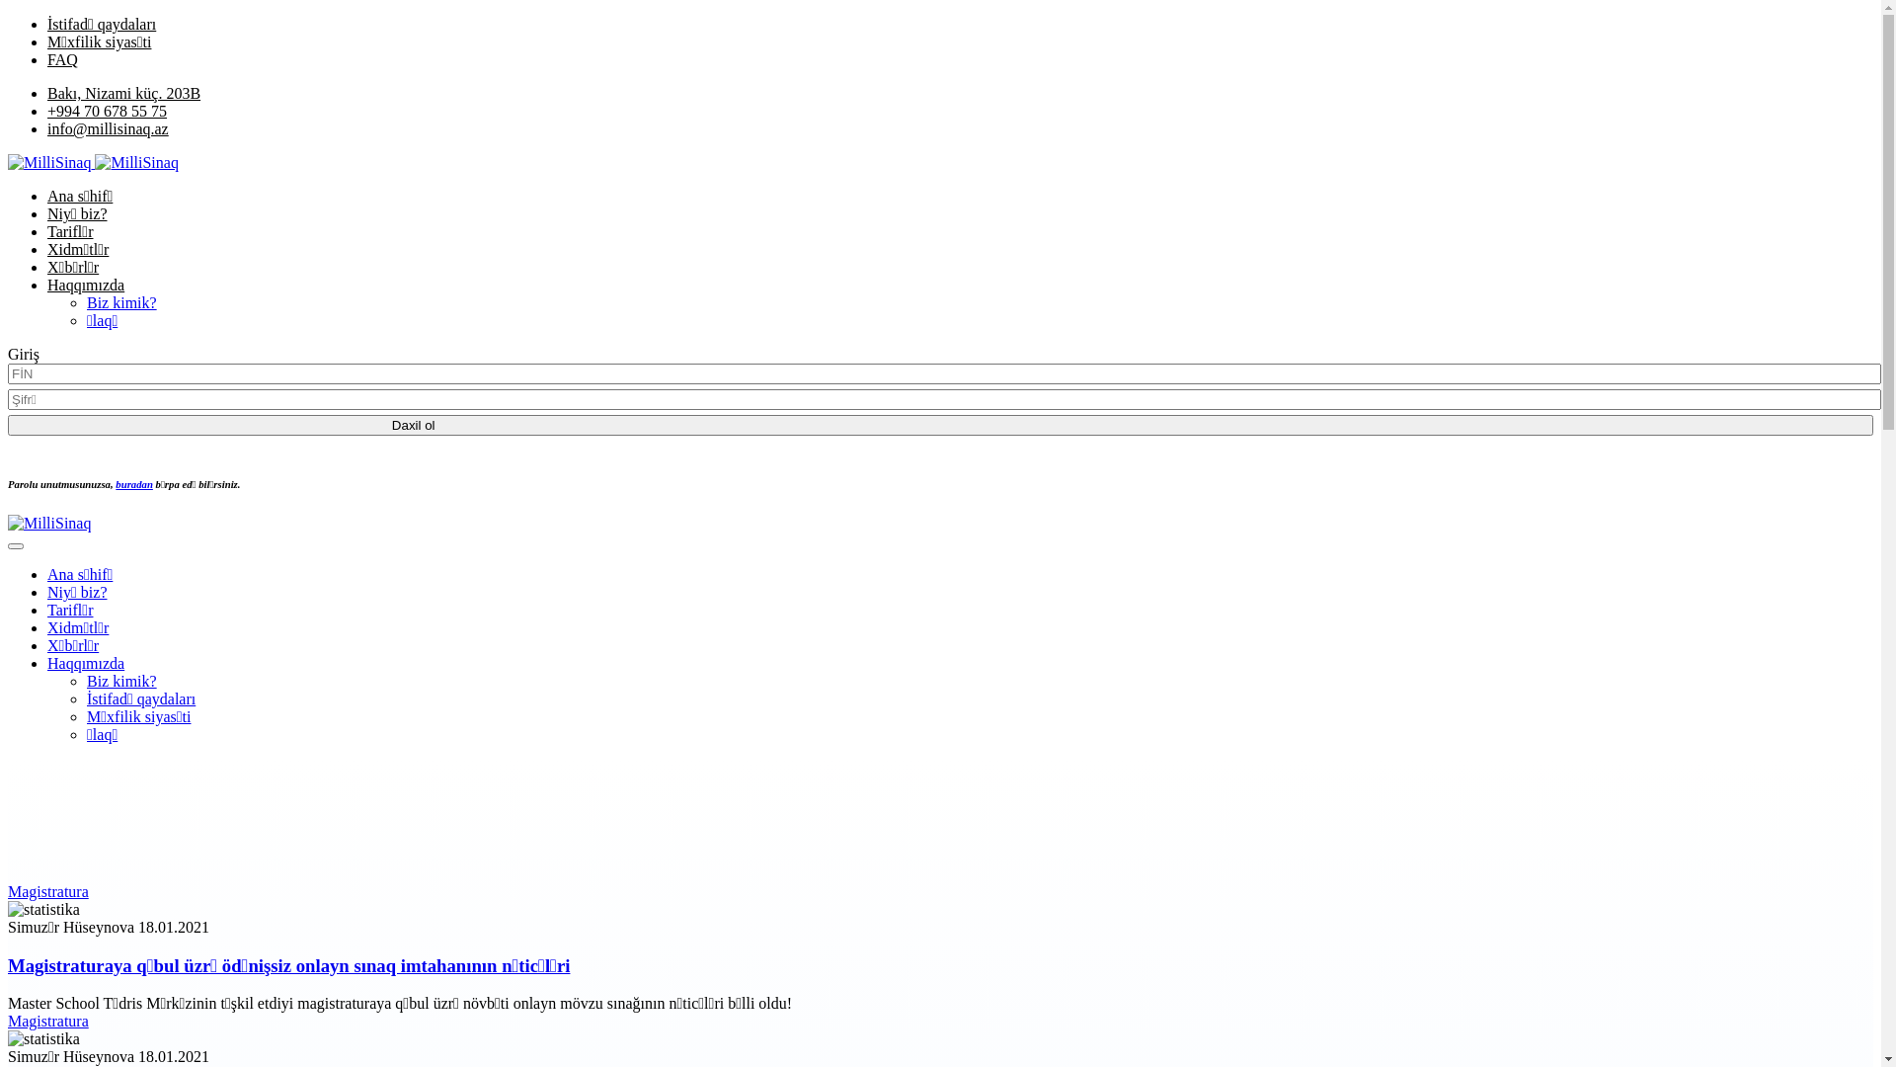  What do you see at coordinates (107, 128) in the screenshot?
I see `'info@millisinaq.az'` at bounding box center [107, 128].